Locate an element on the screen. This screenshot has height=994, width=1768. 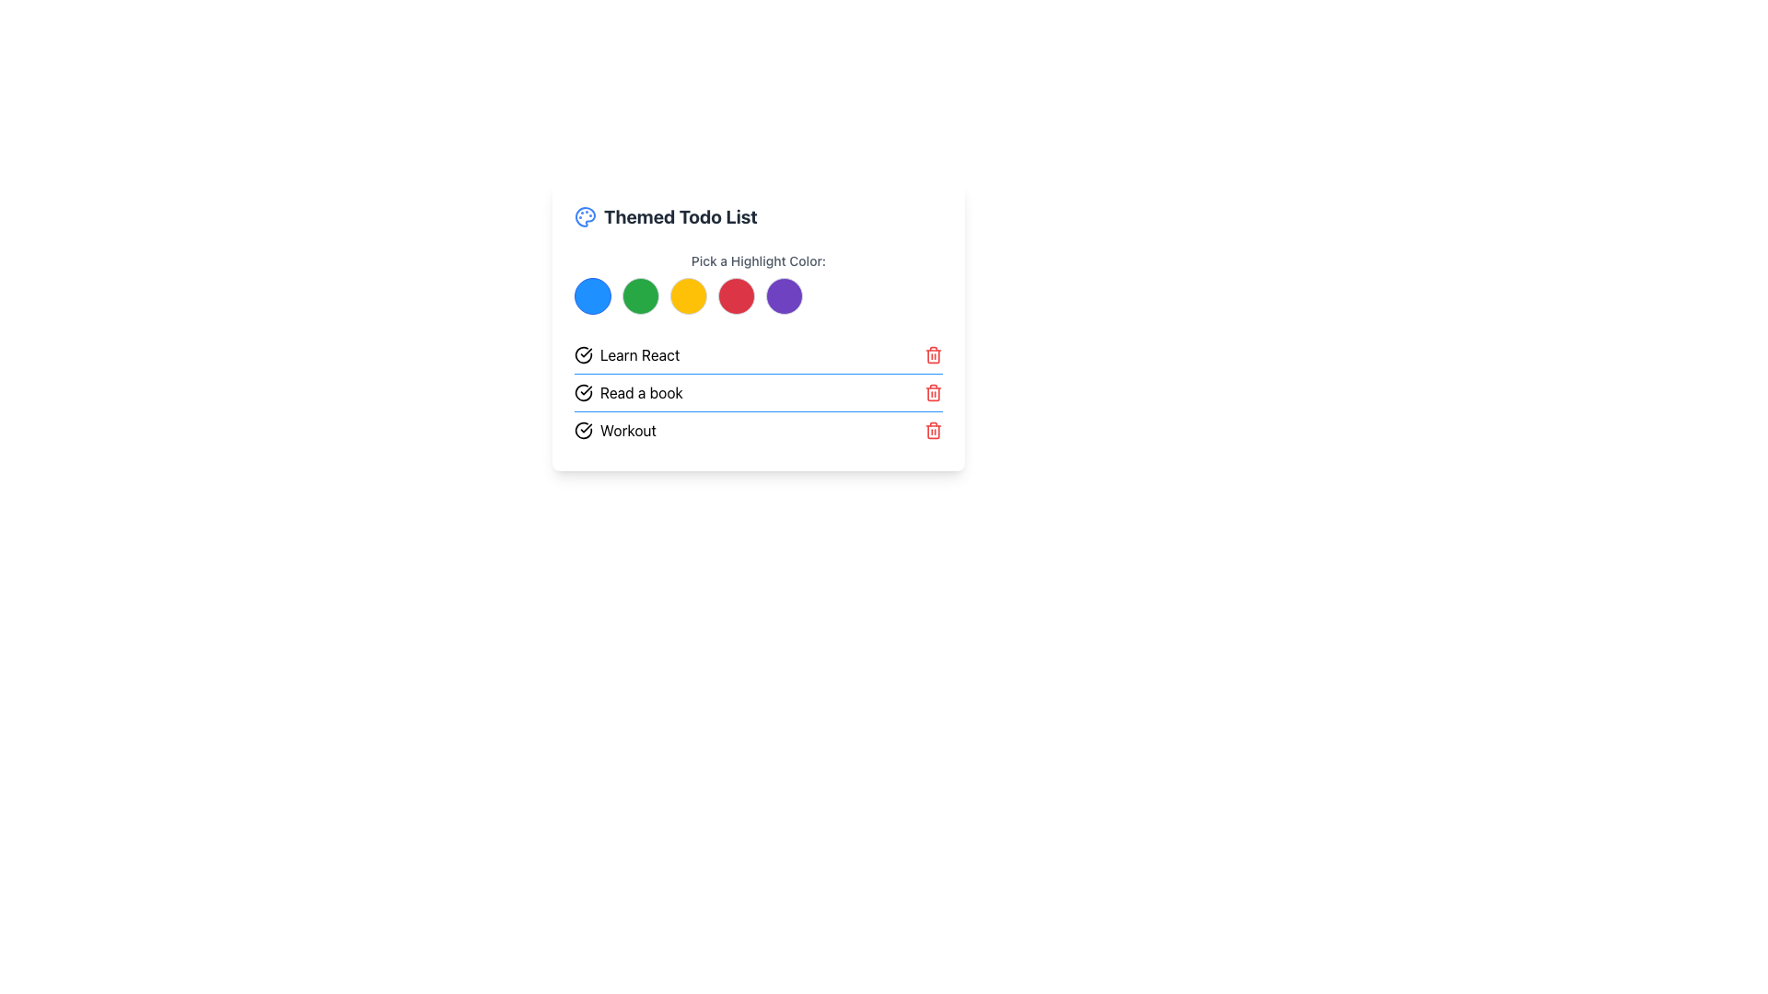
the completion icon indicating the 'Workout' task, which is the leftmost component in the 'Themed Todo List' card is located at coordinates (582, 430).